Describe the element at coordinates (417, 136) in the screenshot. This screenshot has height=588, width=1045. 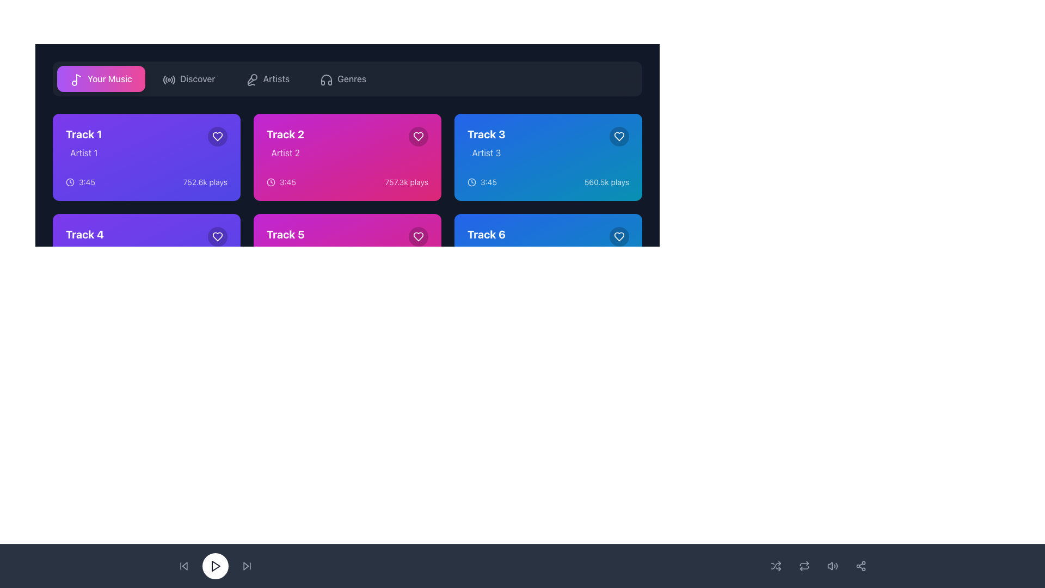
I see `the Heart Icon Button located in the second column of the top row of the grid layout, which is associated with 'Track 2'` at that location.